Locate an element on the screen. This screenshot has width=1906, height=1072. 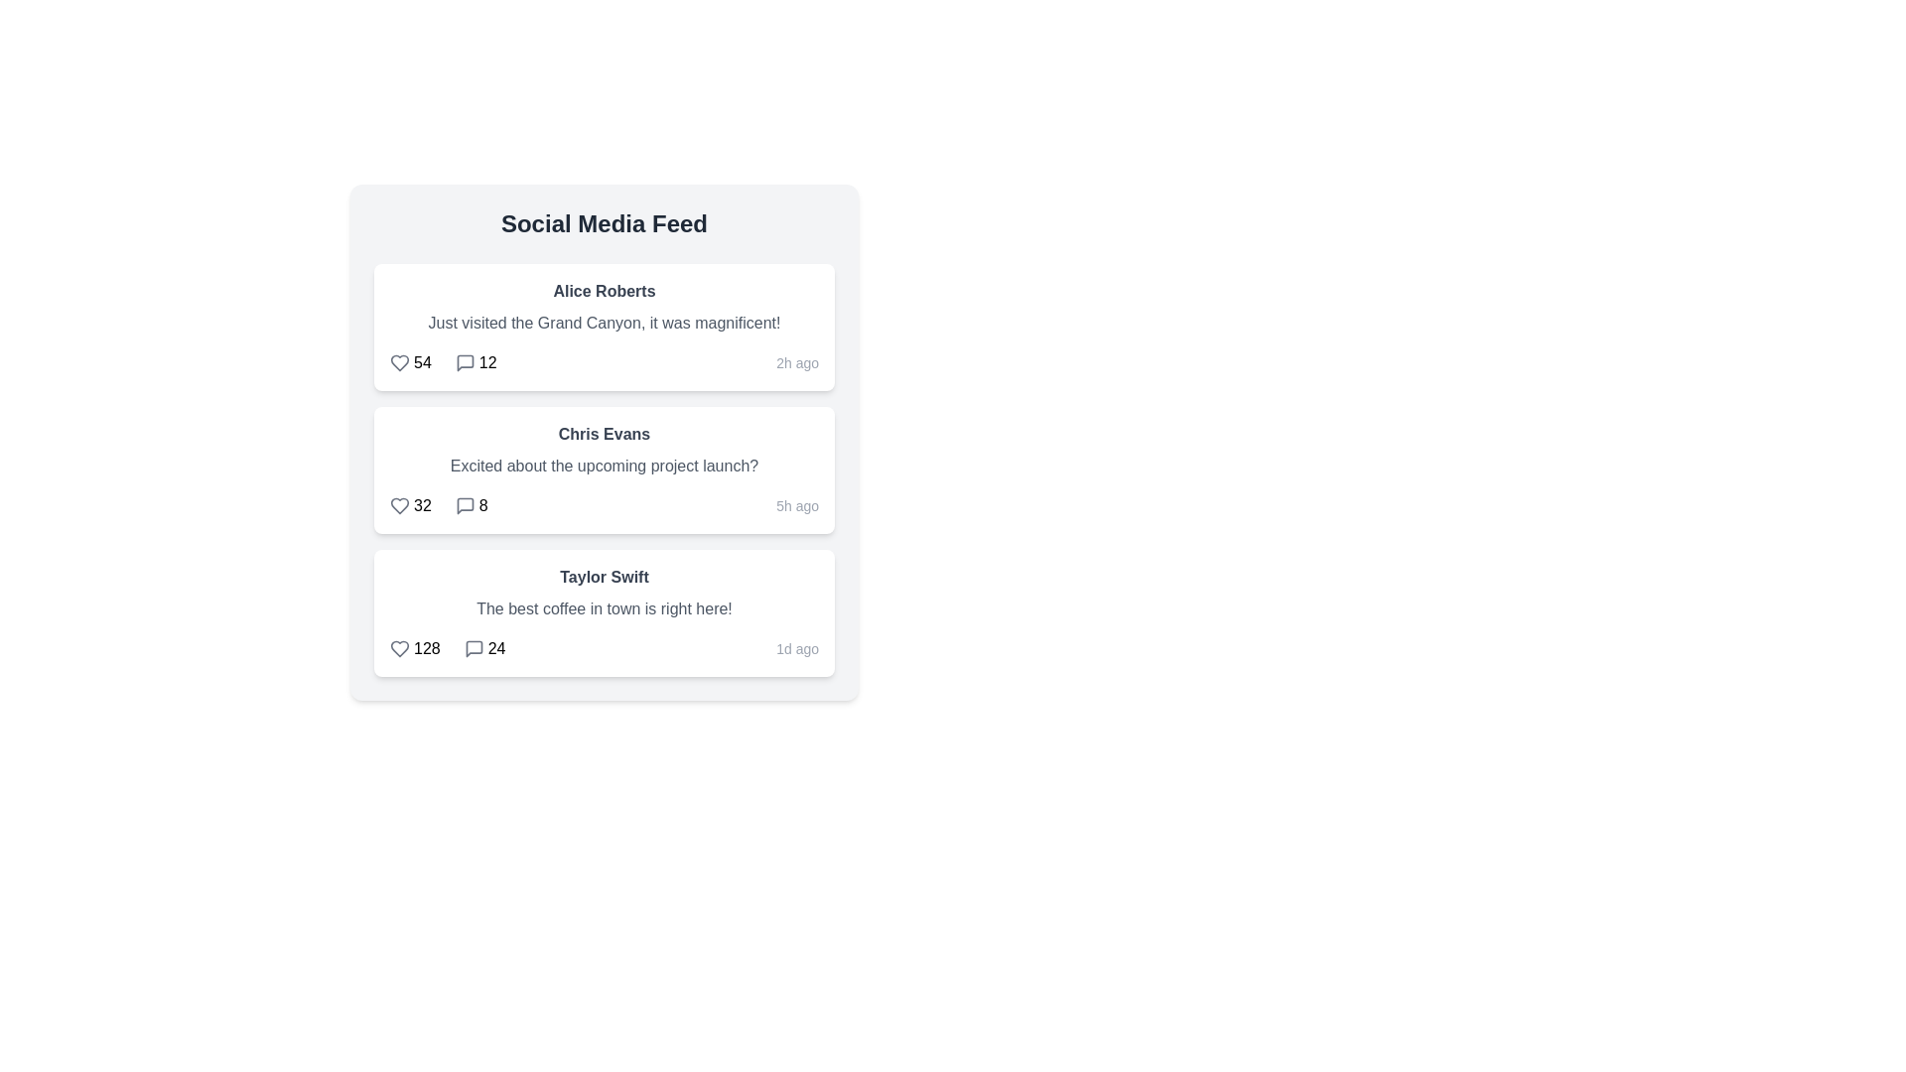
the like icon for the post by Taylor Swift is located at coordinates (399, 649).